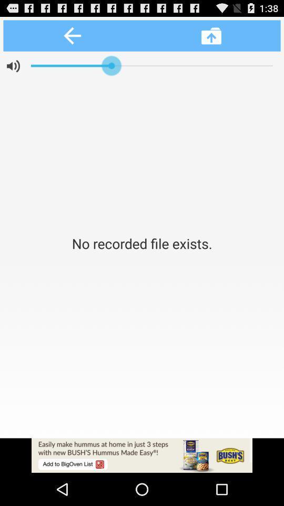 The width and height of the screenshot is (284, 506). What do you see at coordinates (142, 455) in the screenshot?
I see `advertisement` at bounding box center [142, 455].